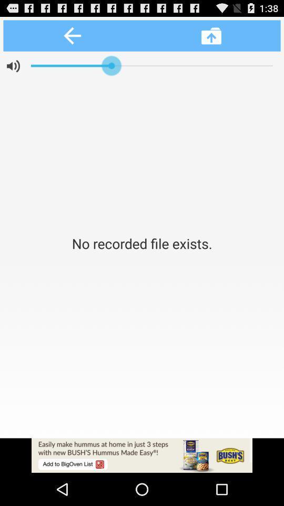 The width and height of the screenshot is (284, 506). What do you see at coordinates (142, 455) in the screenshot?
I see `advertisement` at bounding box center [142, 455].